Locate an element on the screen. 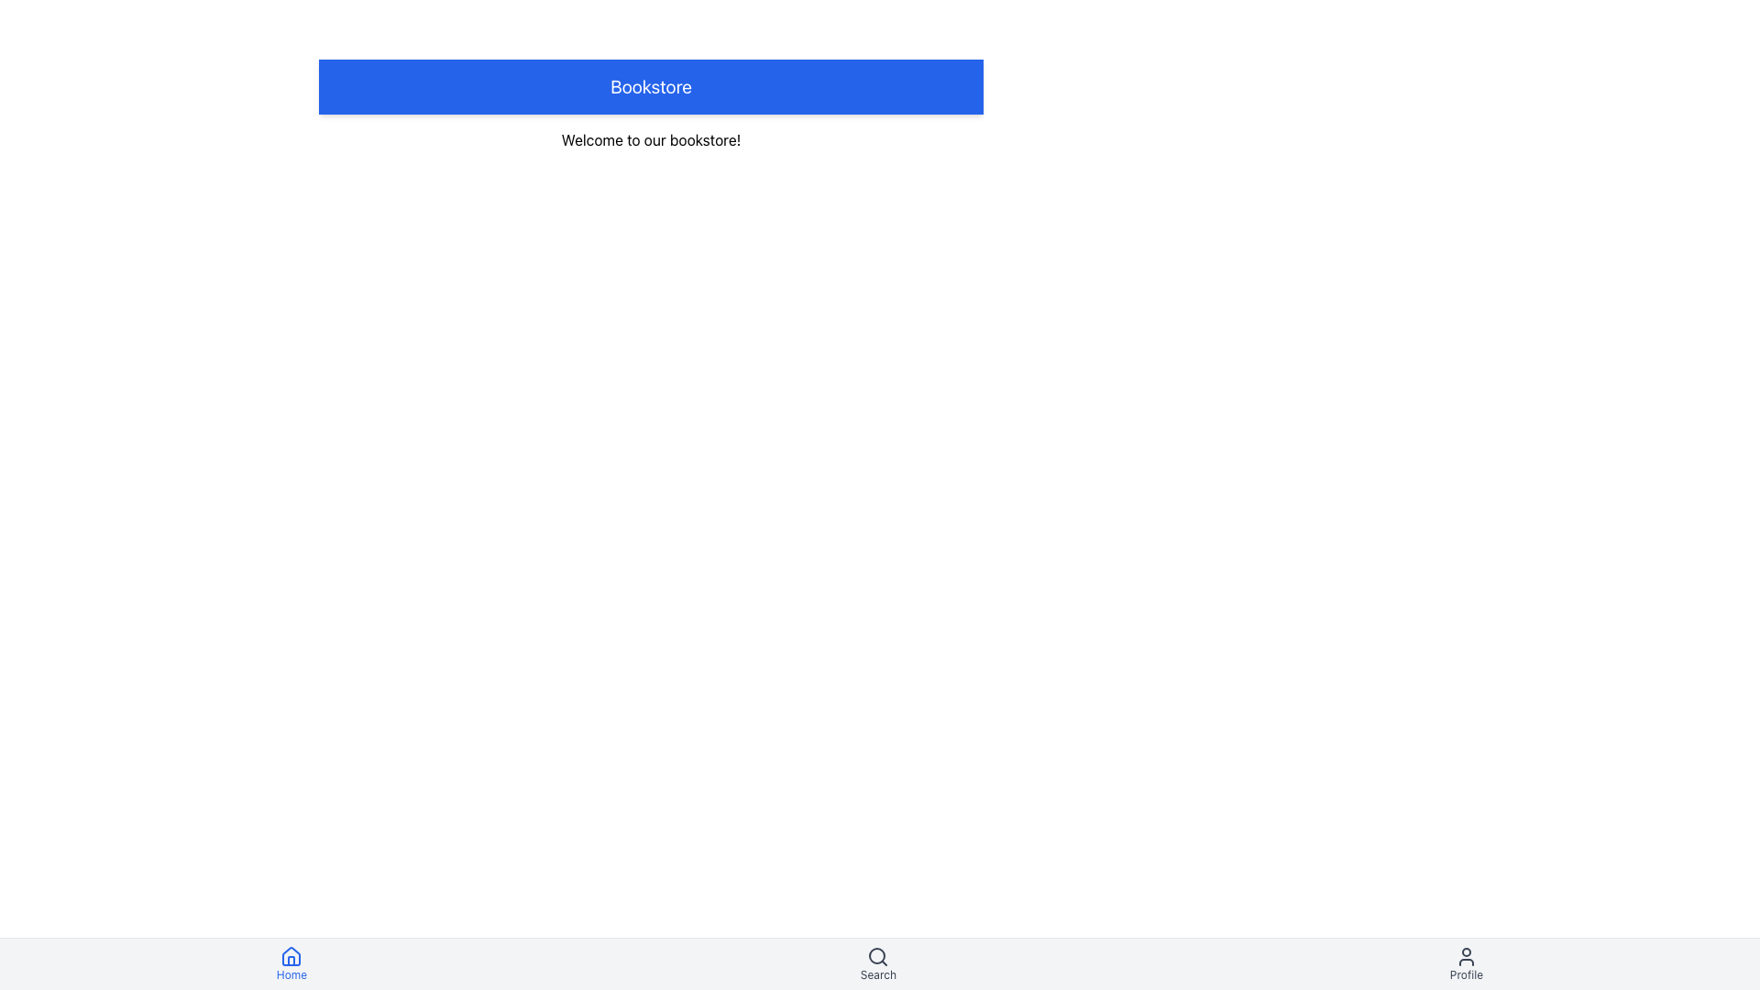  the 'Home' icon located in the bottom navigation bar to receive visual feedback is located at coordinates (291, 955).